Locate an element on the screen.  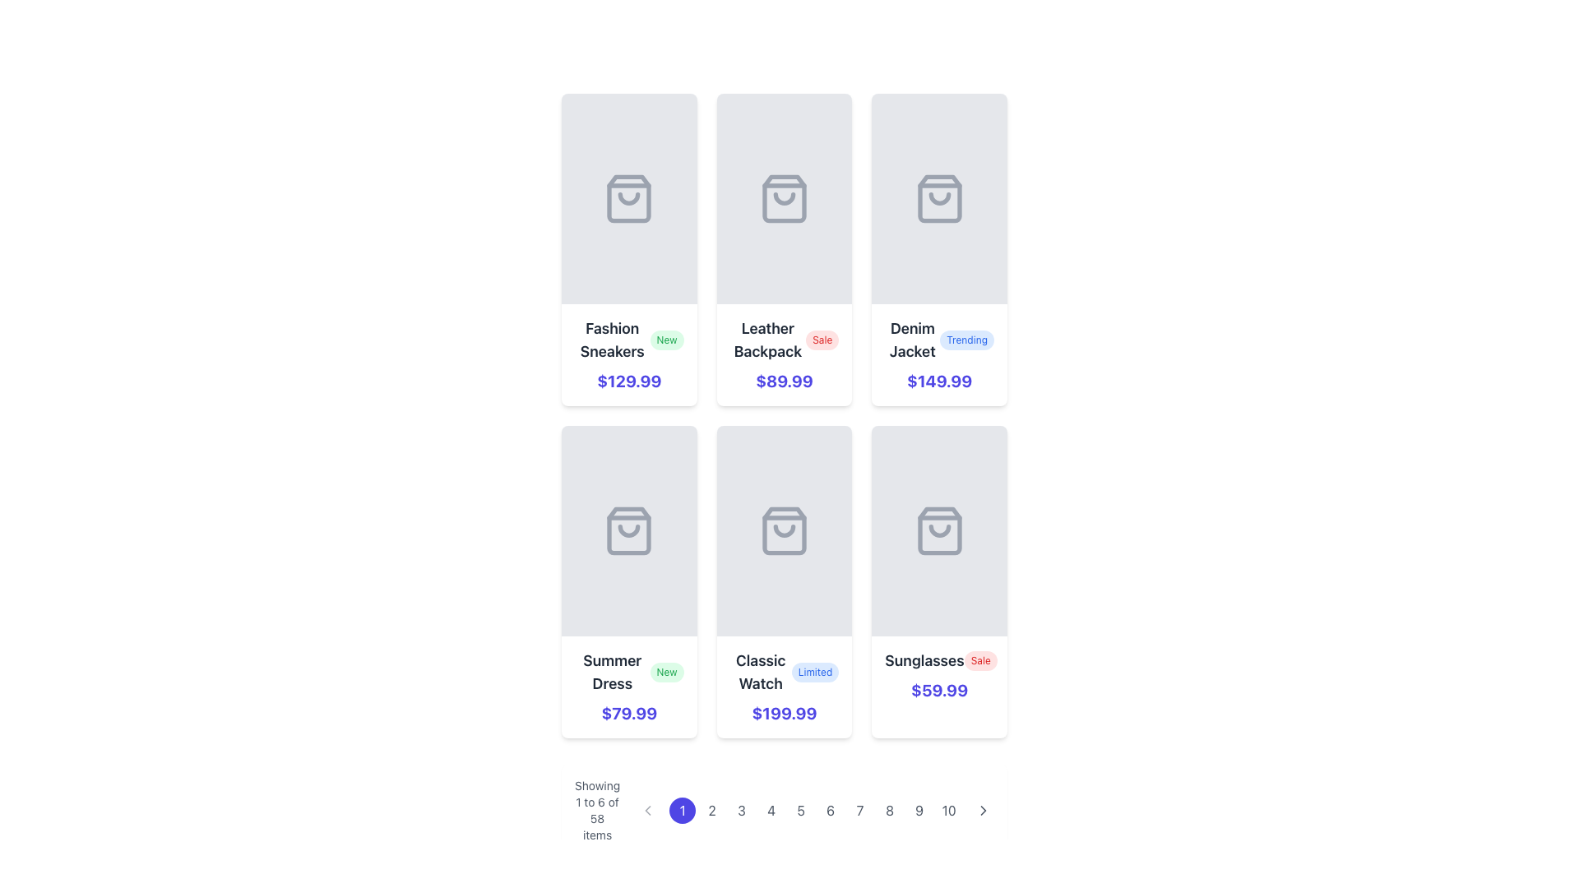
the circular button labeled '9' is located at coordinates (919, 810).